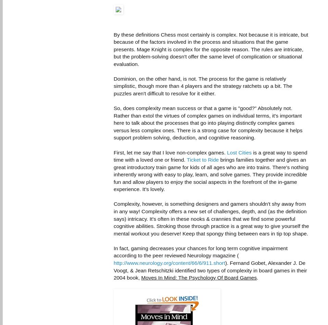 Image resolution: width=328 pixels, height=325 pixels. I want to click on 'First, let me say that I love non-complex games.', so click(170, 152).